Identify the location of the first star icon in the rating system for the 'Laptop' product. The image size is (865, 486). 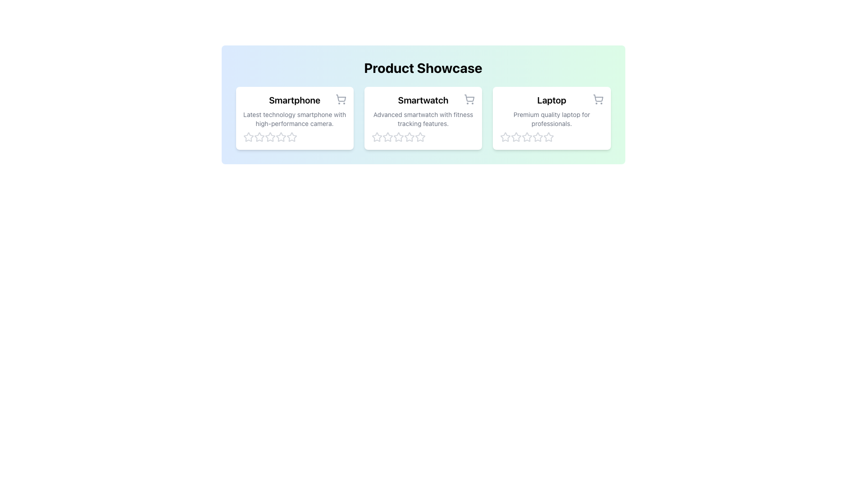
(505, 137).